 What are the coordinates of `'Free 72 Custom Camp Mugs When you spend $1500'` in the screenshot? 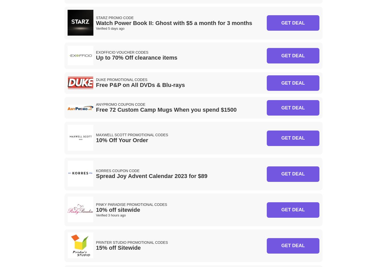 It's located at (166, 110).